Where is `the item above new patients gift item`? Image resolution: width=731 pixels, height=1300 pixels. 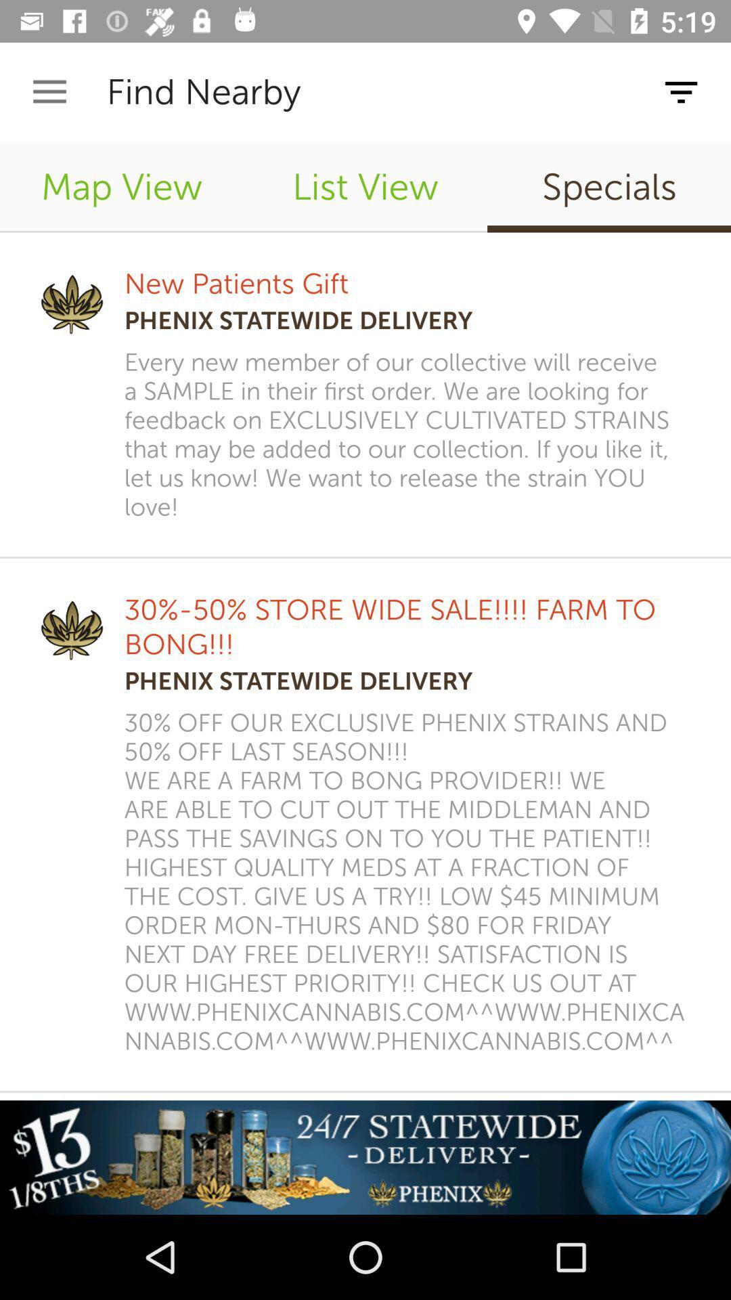
the item above new patients gift item is located at coordinates (365, 186).